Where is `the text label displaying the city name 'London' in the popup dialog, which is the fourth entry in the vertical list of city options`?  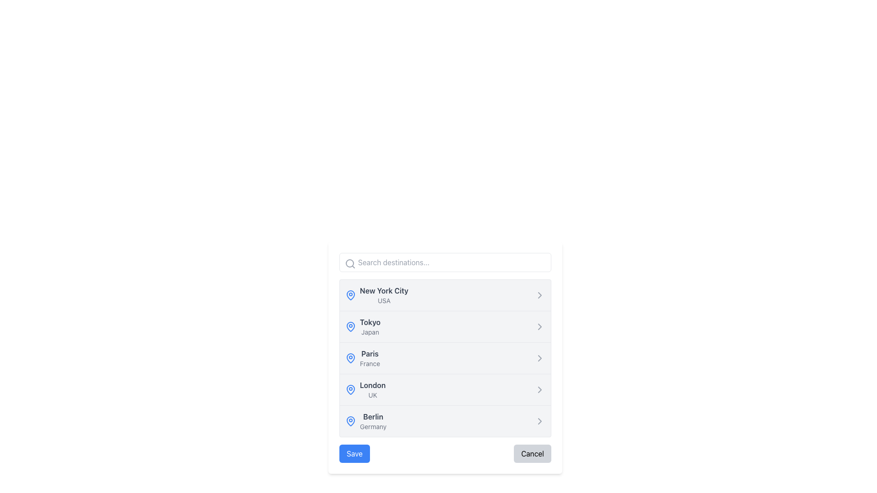 the text label displaying the city name 'London' in the popup dialog, which is the fourth entry in the vertical list of city options is located at coordinates (373, 385).